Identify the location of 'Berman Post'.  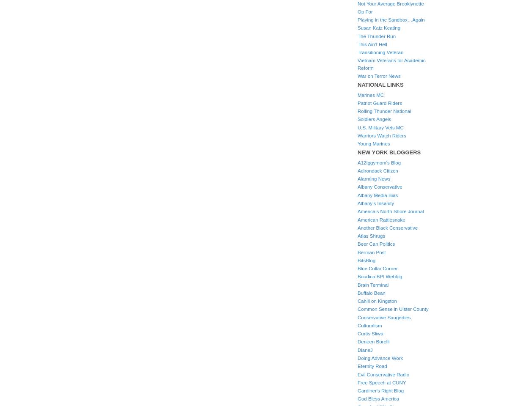
(372, 252).